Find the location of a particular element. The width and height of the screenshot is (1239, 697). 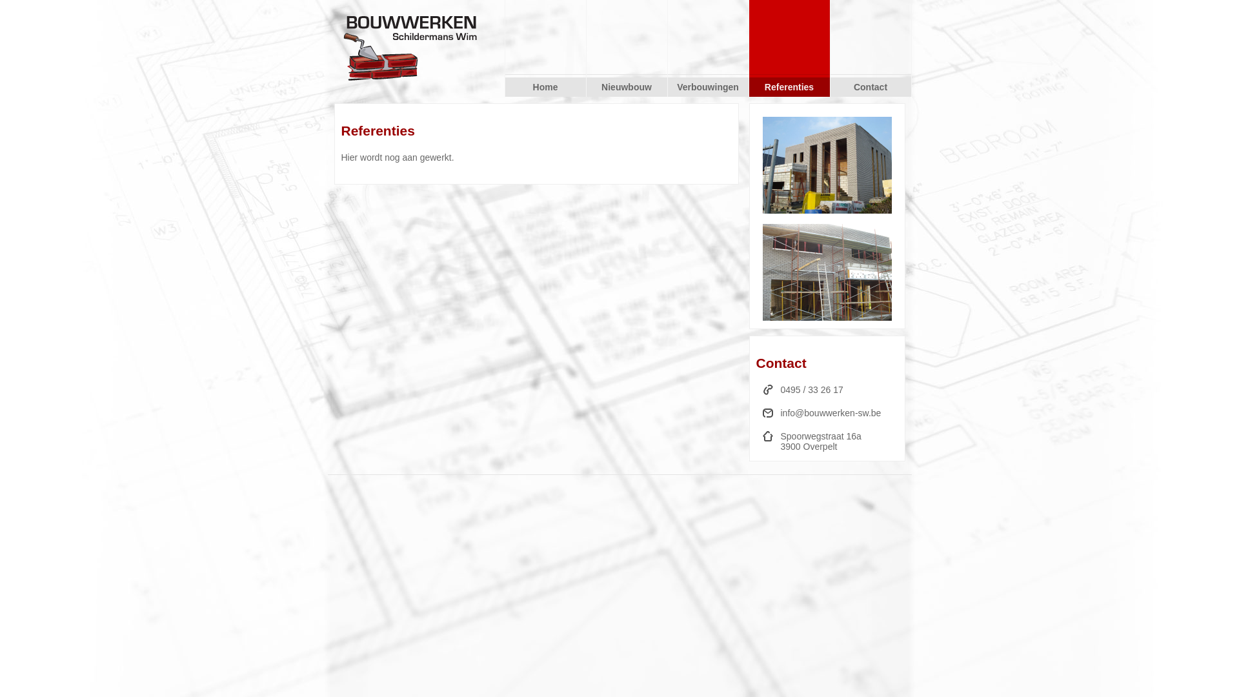

'Verbouwingen' is located at coordinates (707, 87).